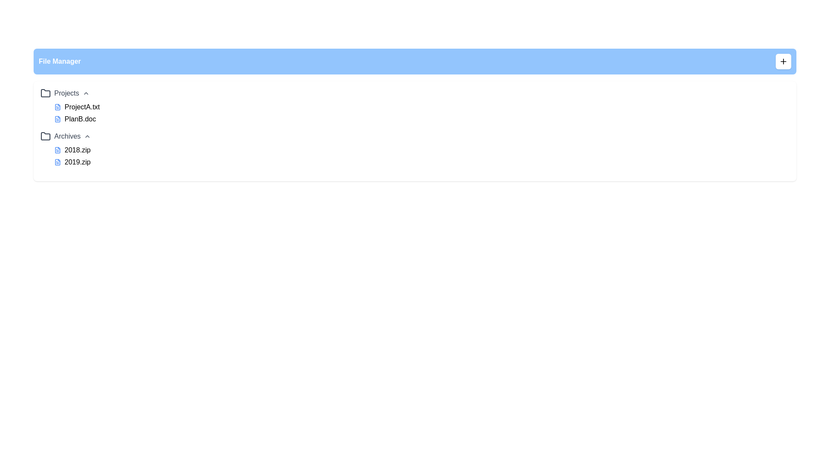  What do you see at coordinates (65, 136) in the screenshot?
I see `the 'Archives' folder` at bounding box center [65, 136].